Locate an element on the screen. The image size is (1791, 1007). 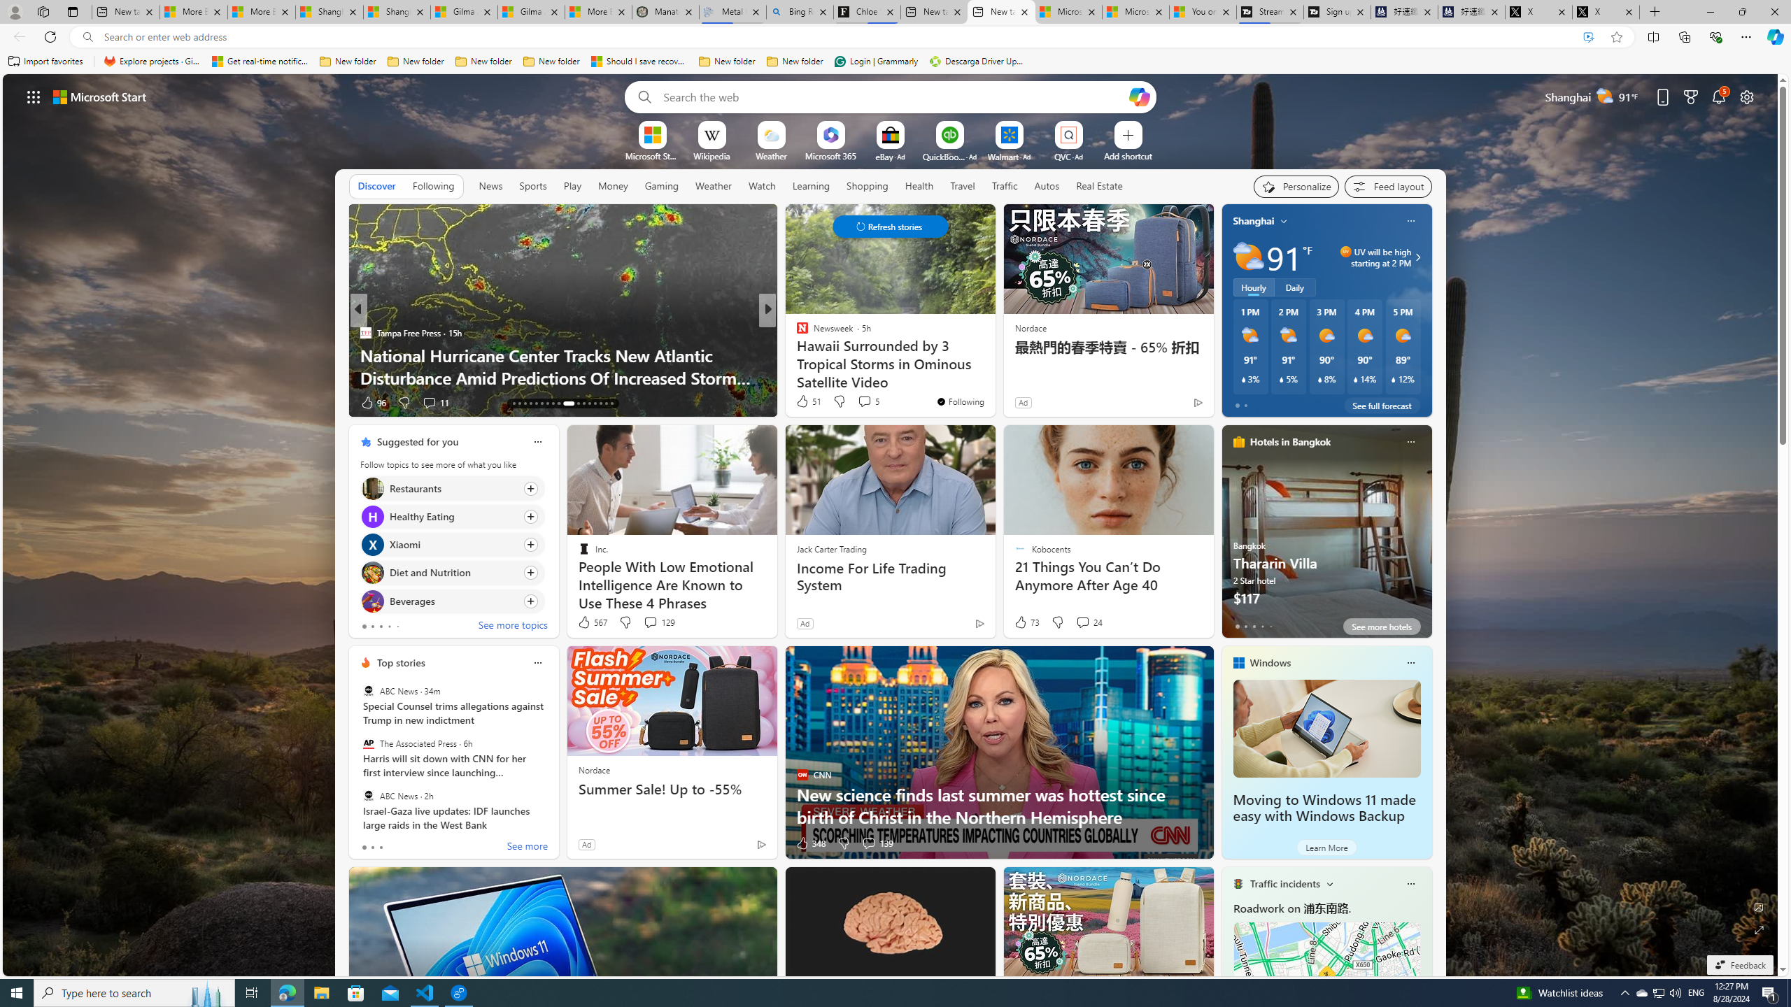
'AutomationID: tab-23' is located at coordinates (547, 403).